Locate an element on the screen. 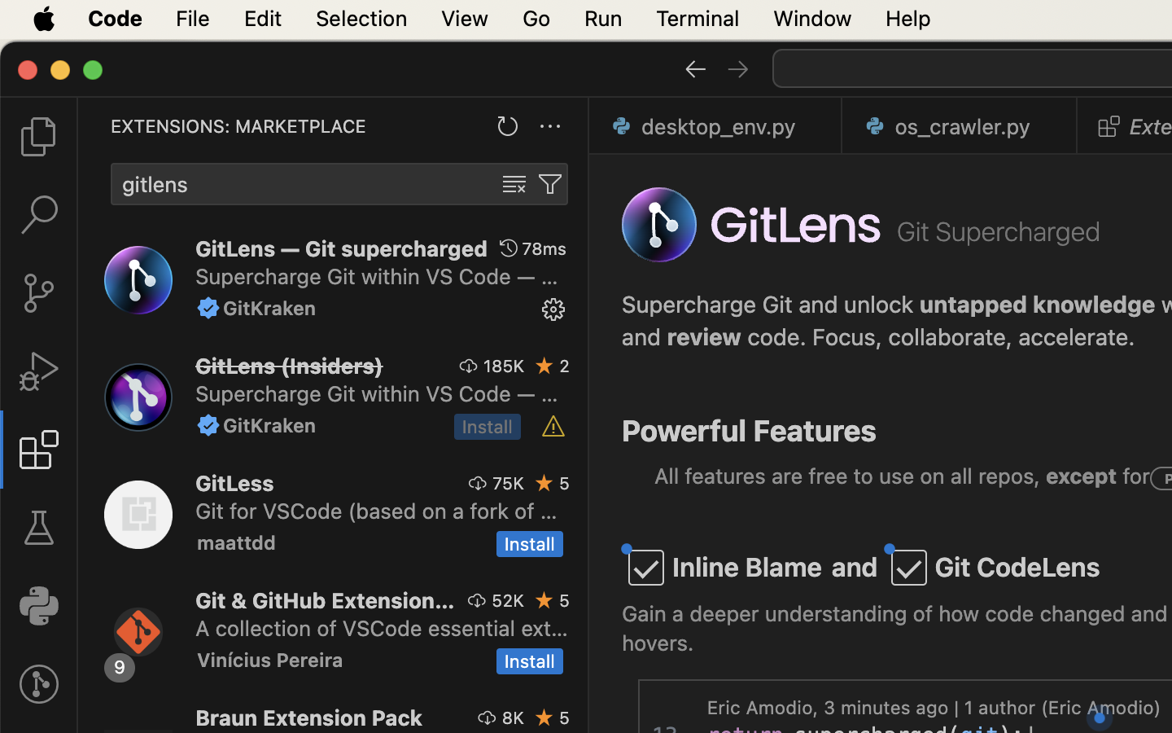  '0 ' is located at coordinates (37, 293).